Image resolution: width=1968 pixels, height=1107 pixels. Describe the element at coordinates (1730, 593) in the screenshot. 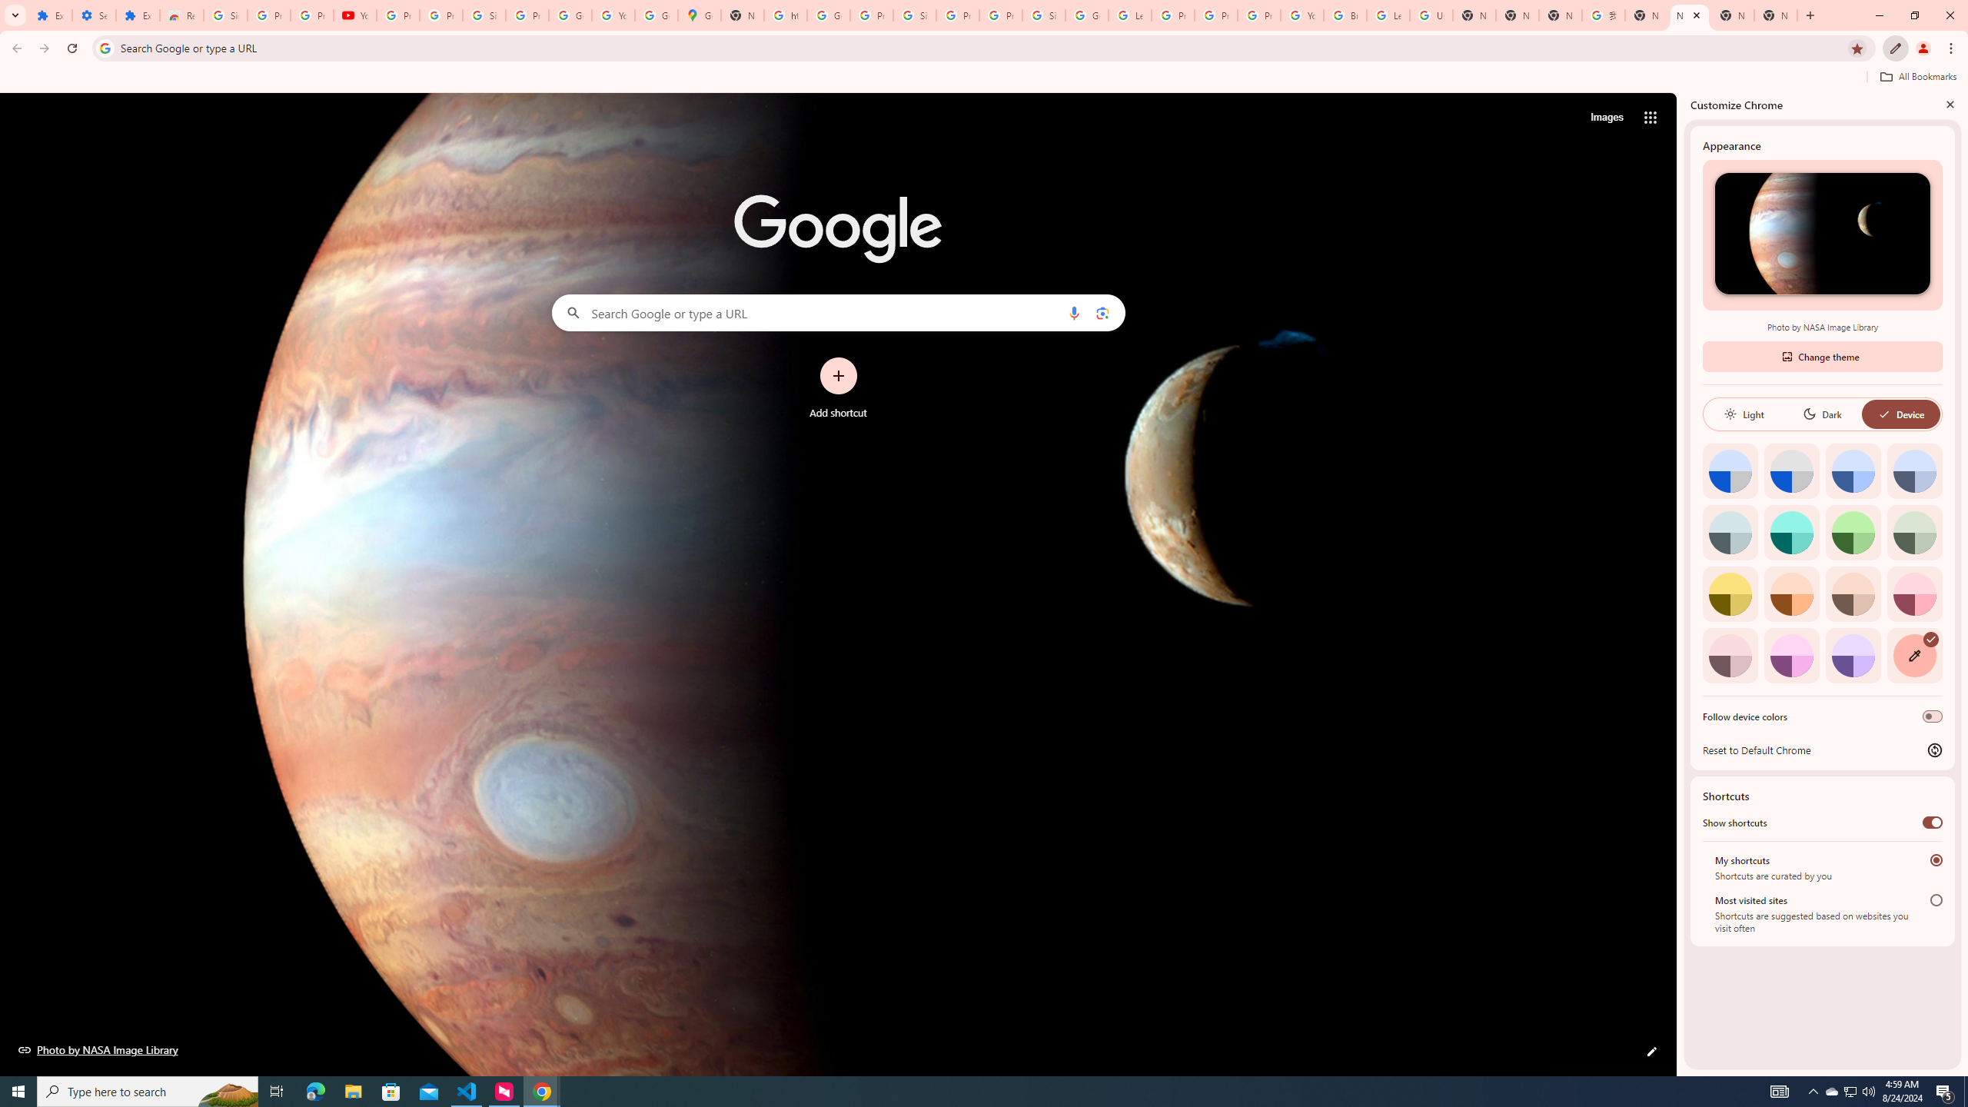

I see `'Citron'` at that location.